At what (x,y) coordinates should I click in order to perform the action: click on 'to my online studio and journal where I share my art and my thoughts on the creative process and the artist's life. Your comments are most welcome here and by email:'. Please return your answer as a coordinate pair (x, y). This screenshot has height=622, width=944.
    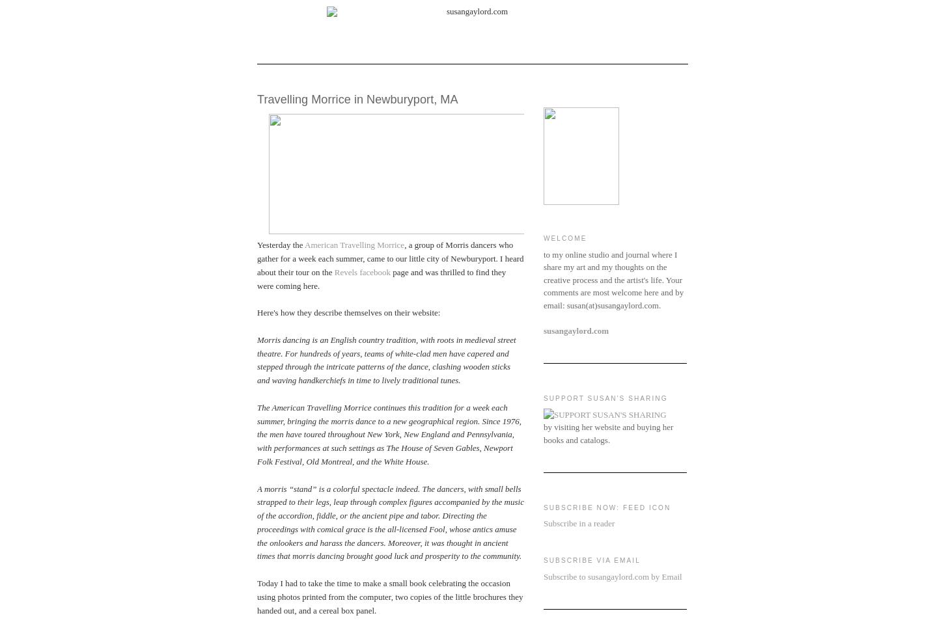
    Looking at the image, I should click on (613, 279).